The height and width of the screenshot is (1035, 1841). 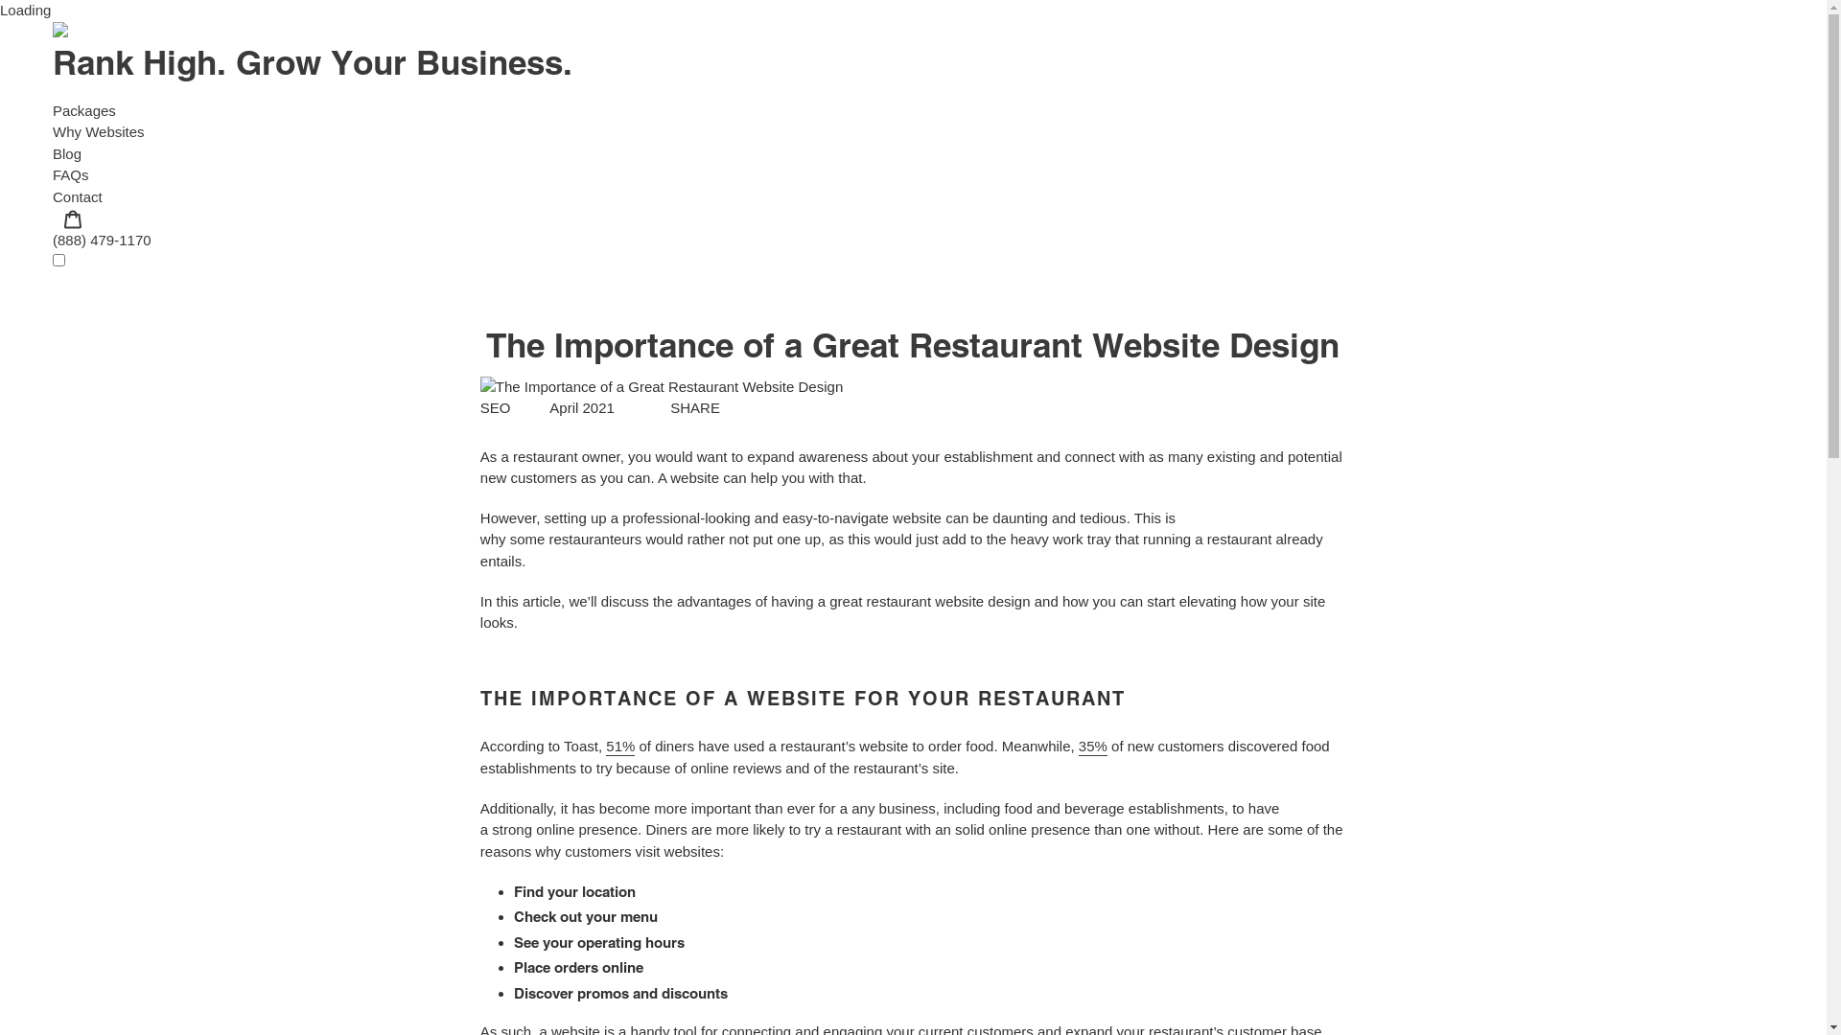 I want to click on 'FAQs', so click(x=70, y=174).